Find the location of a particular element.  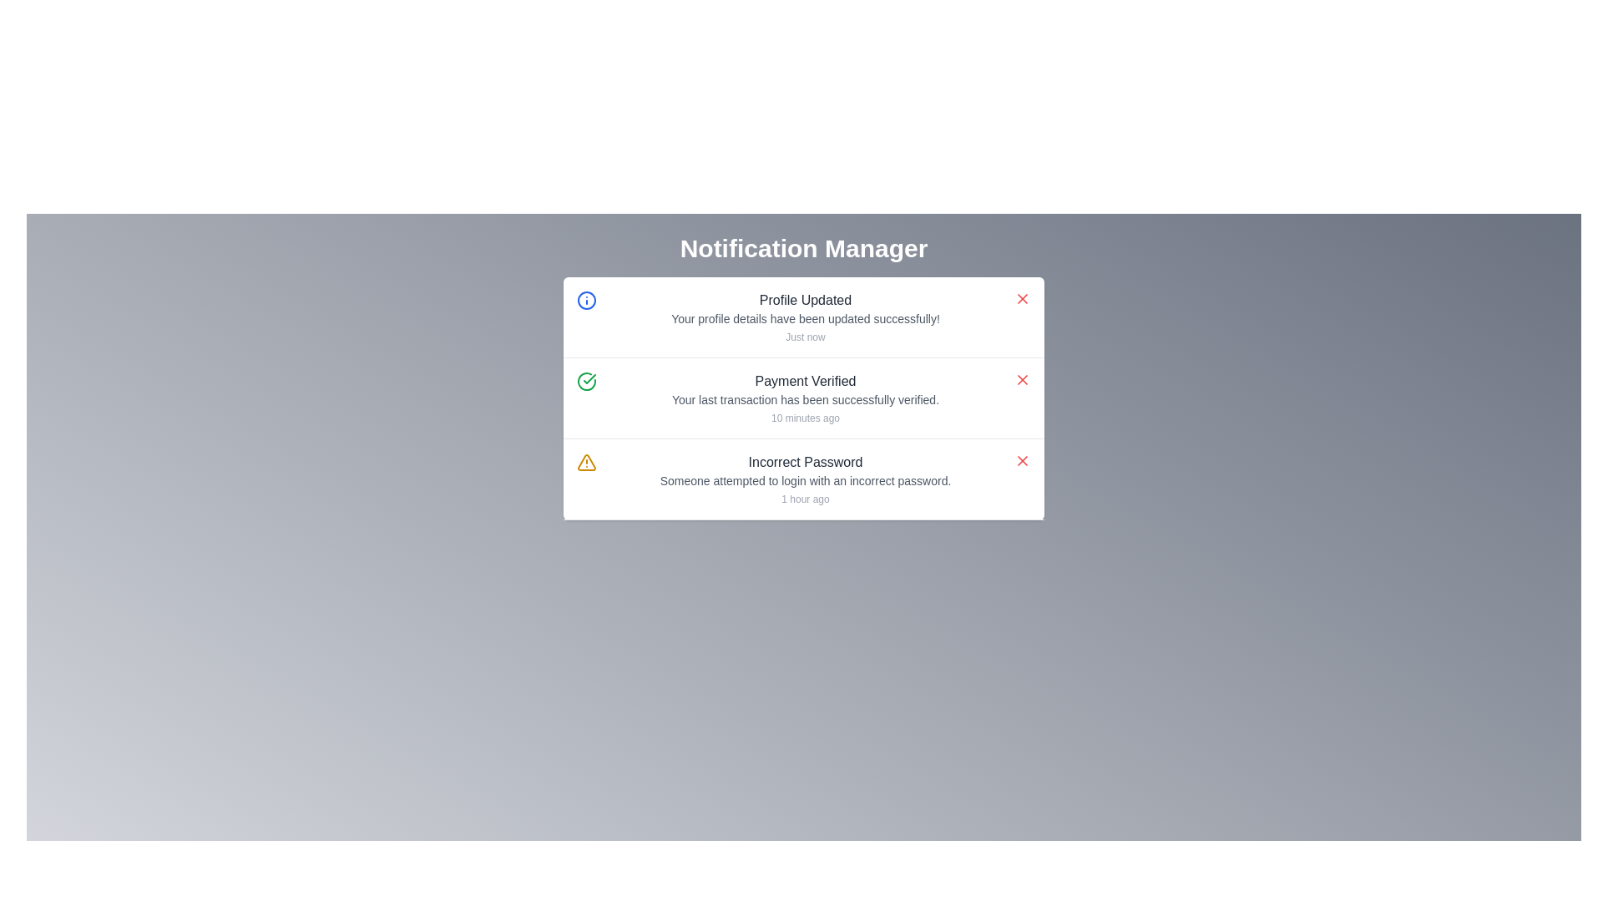

the 'Payment Verified' text block is located at coordinates (805, 381).